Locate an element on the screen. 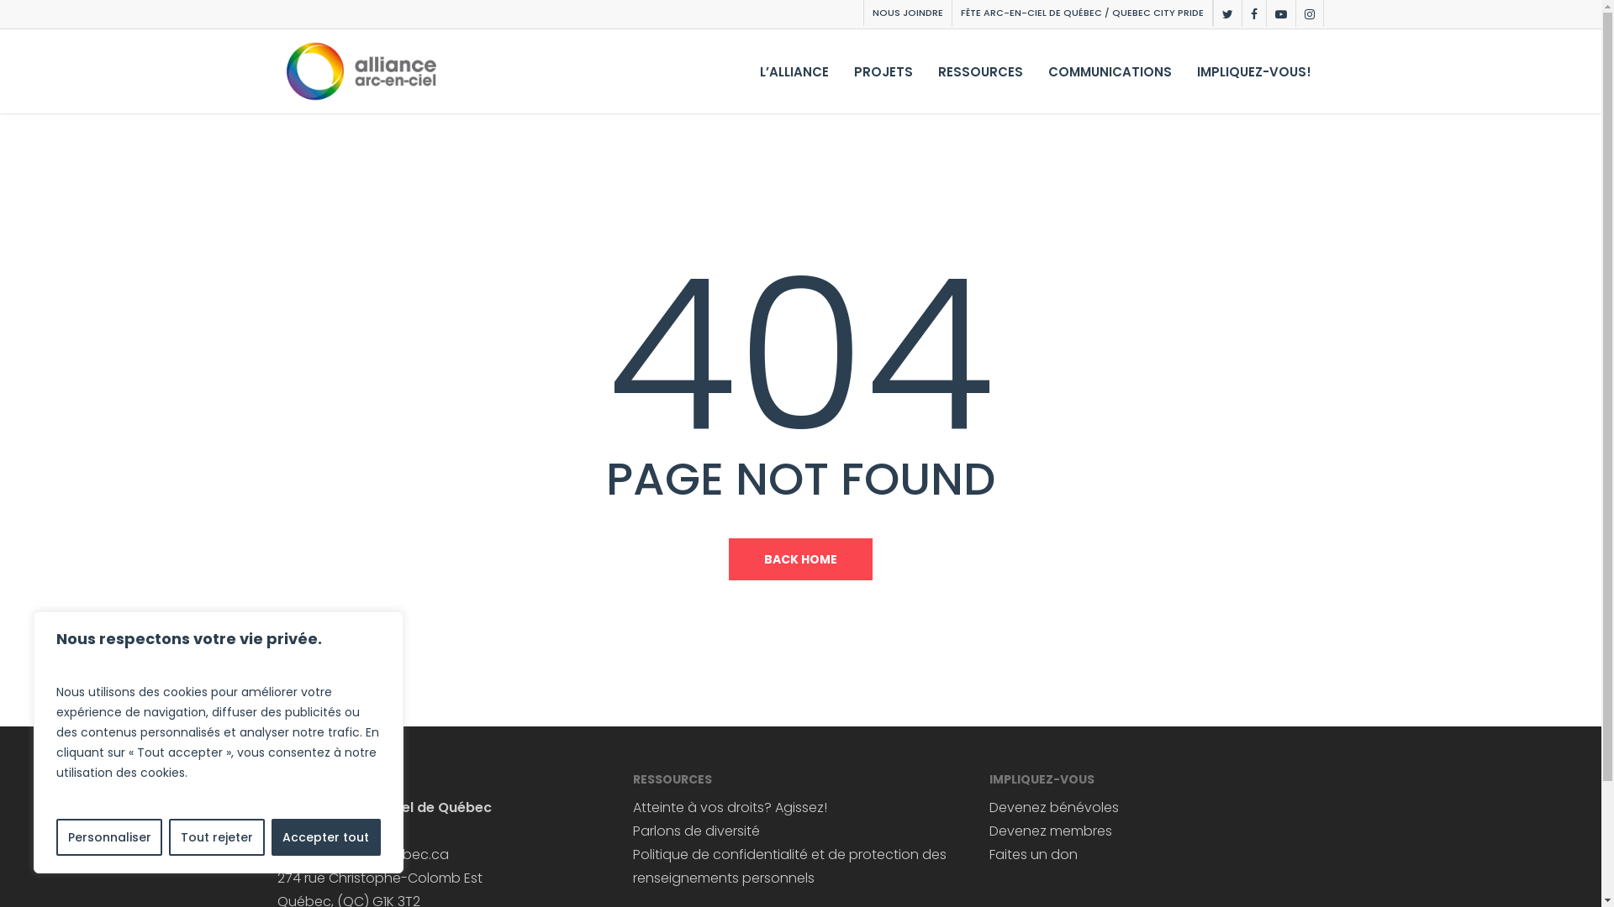 The width and height of the screenshot is (1614, 907). 'PROJETS' is located at coordinates (883, 71).